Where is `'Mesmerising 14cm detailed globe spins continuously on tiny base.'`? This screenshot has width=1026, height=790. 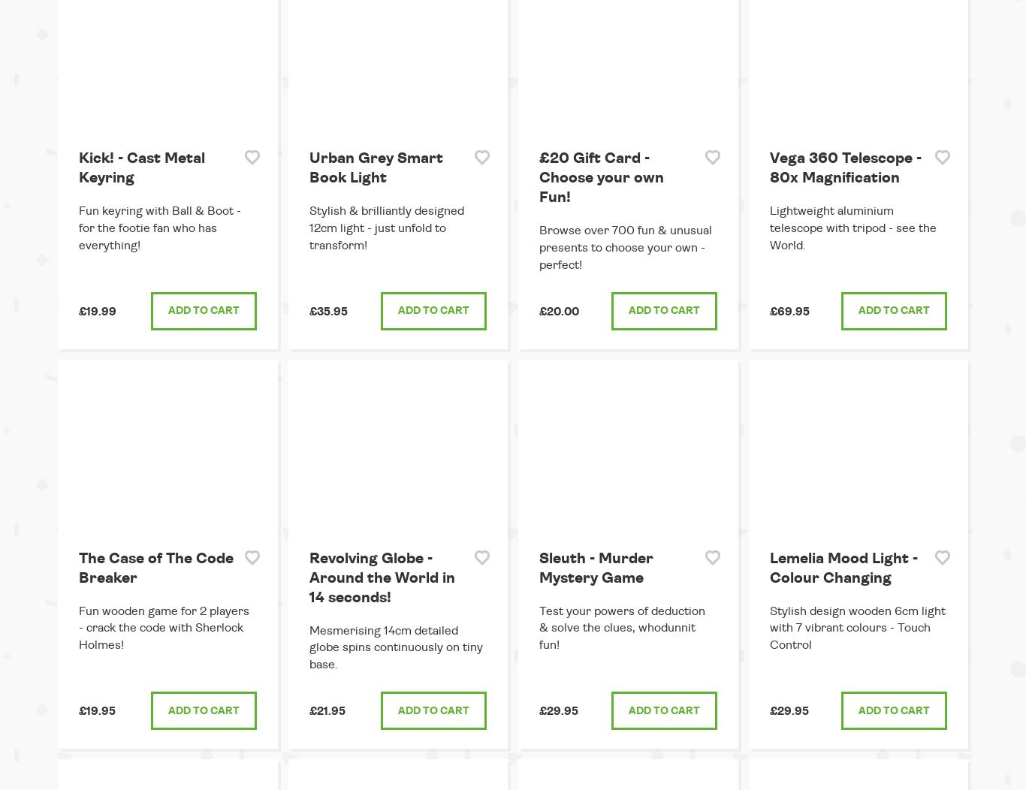 'Mesmerising 14cm detailed globe spins continuously on tiny base.' is located at coordinates (395, 647).